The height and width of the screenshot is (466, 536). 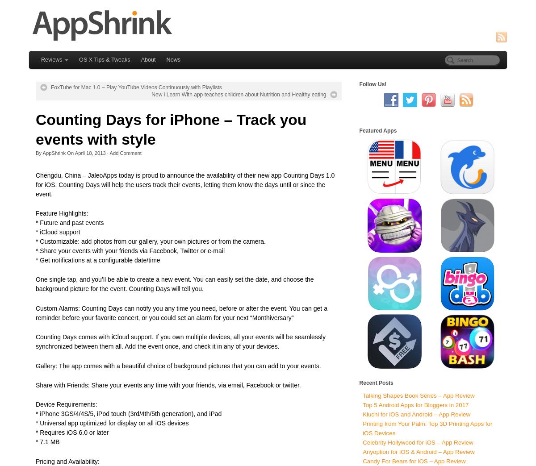 I want to click on 'Printing from Your Palm: Top 3D Printing Apps for iOS Devices', so click(x=427, y=428).